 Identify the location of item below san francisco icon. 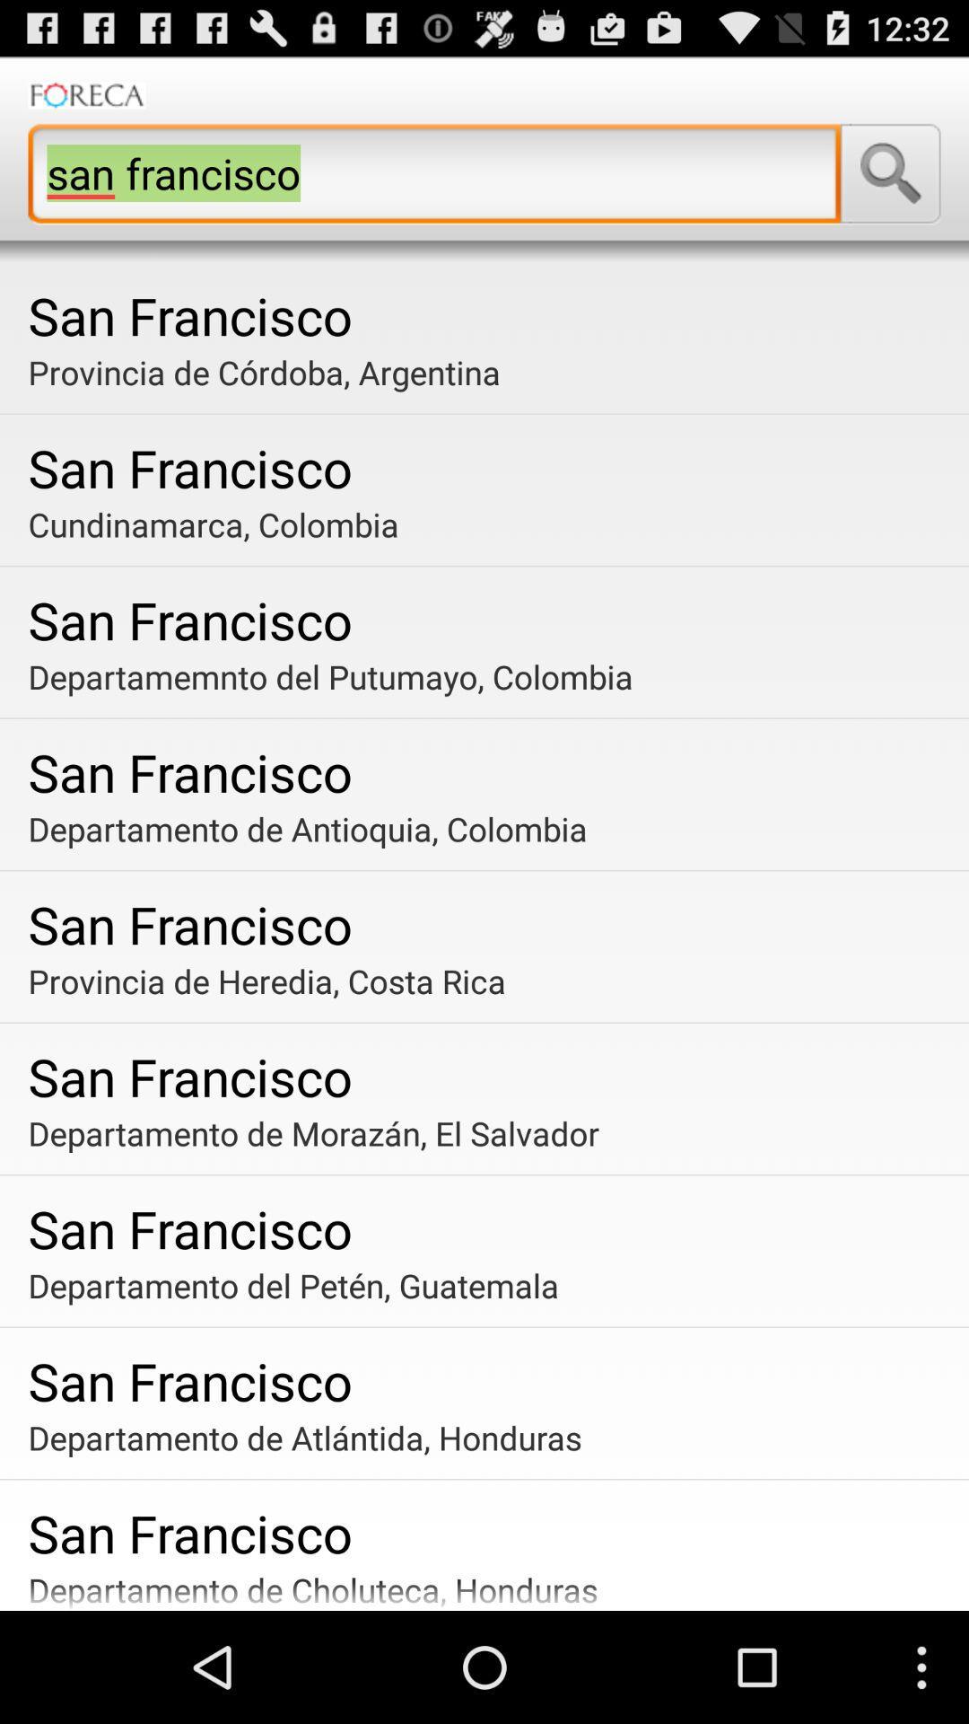
(491, 675).